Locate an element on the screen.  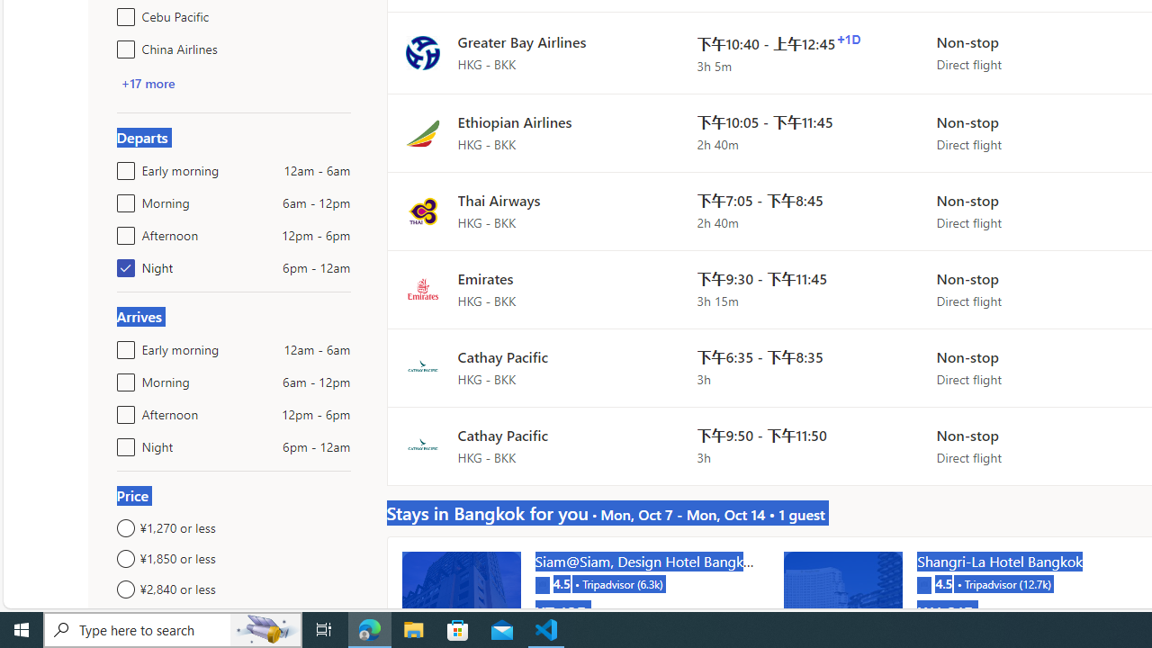
'Night6pm - 12am' is located at coordinates (121, 443).